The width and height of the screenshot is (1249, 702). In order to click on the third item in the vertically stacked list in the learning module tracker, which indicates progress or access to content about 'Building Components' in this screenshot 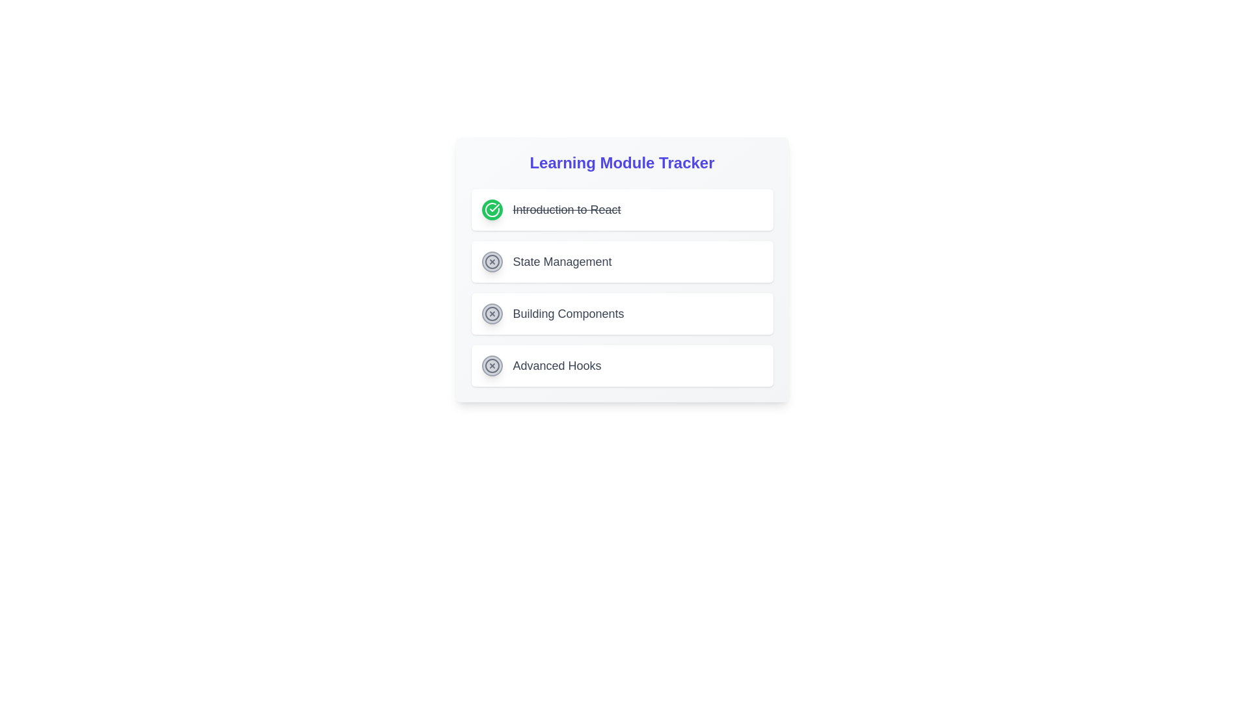, I will do `click(621, 313)`.